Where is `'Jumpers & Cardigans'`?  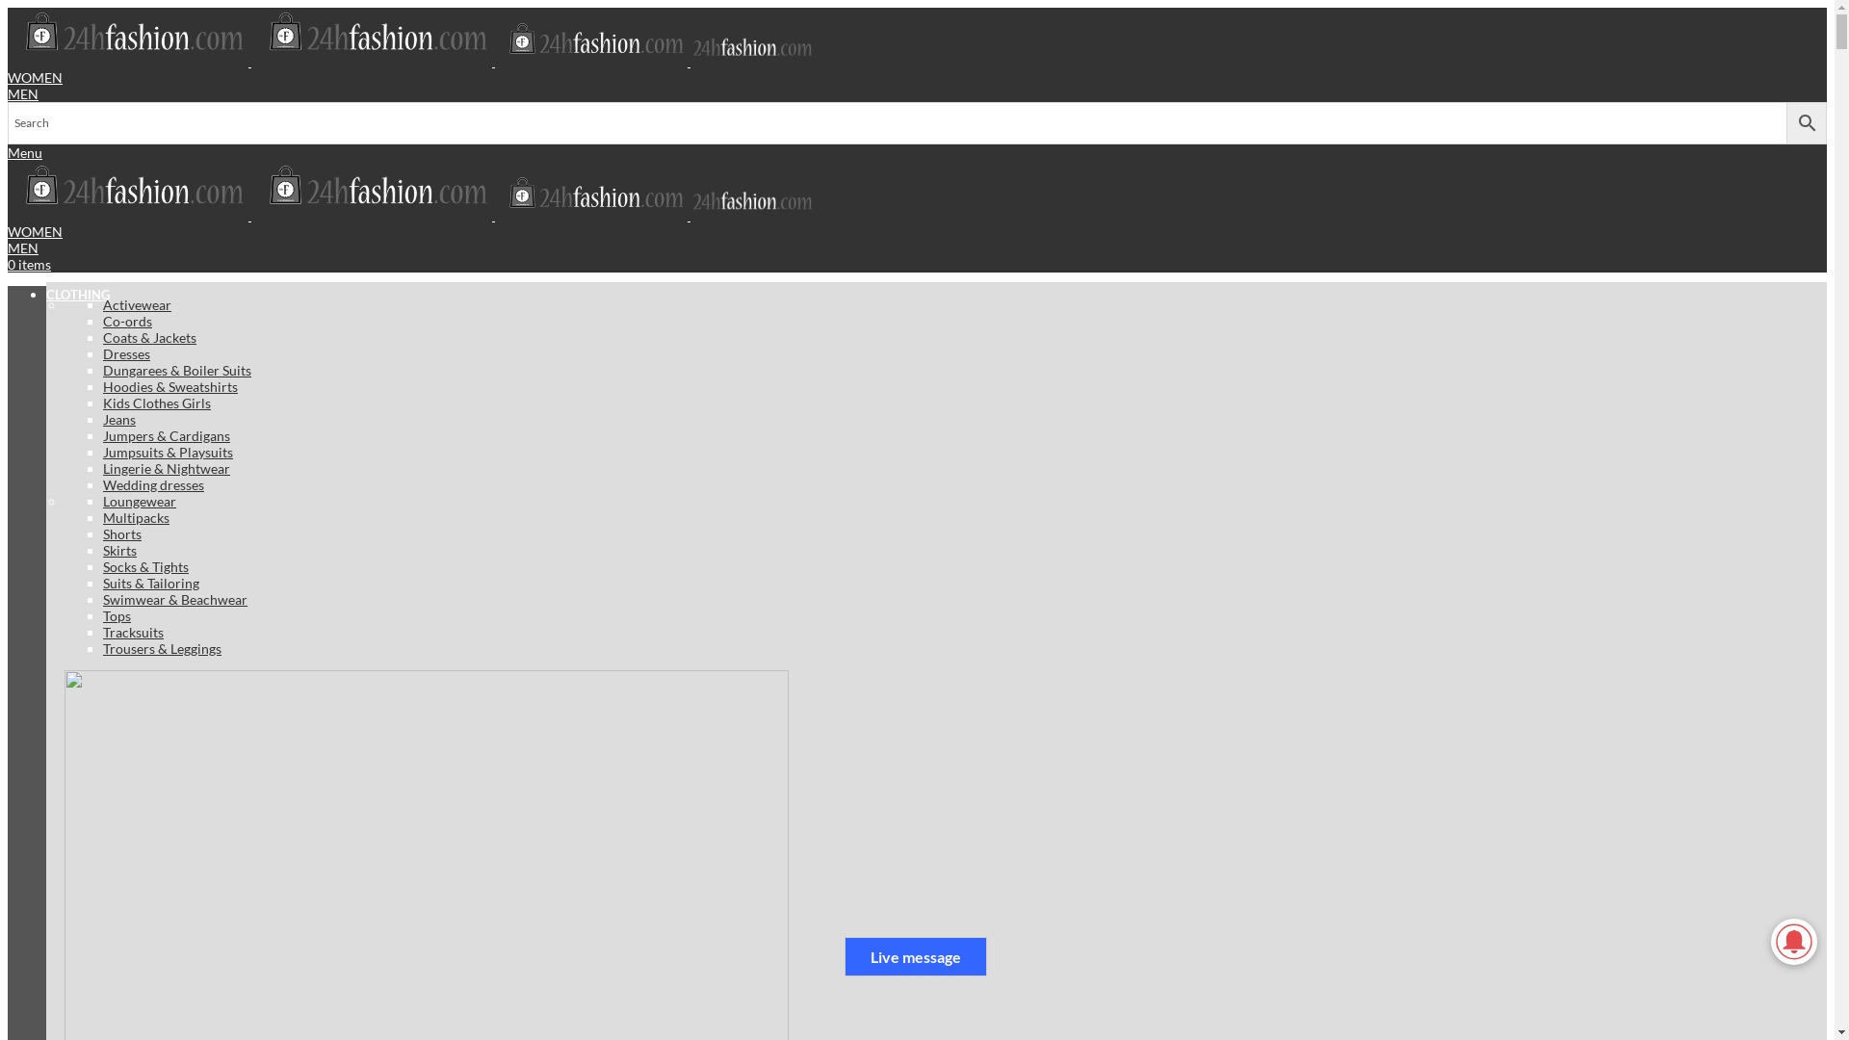
'Jumpers & Cardigans' is located at coordinates (166, 435).